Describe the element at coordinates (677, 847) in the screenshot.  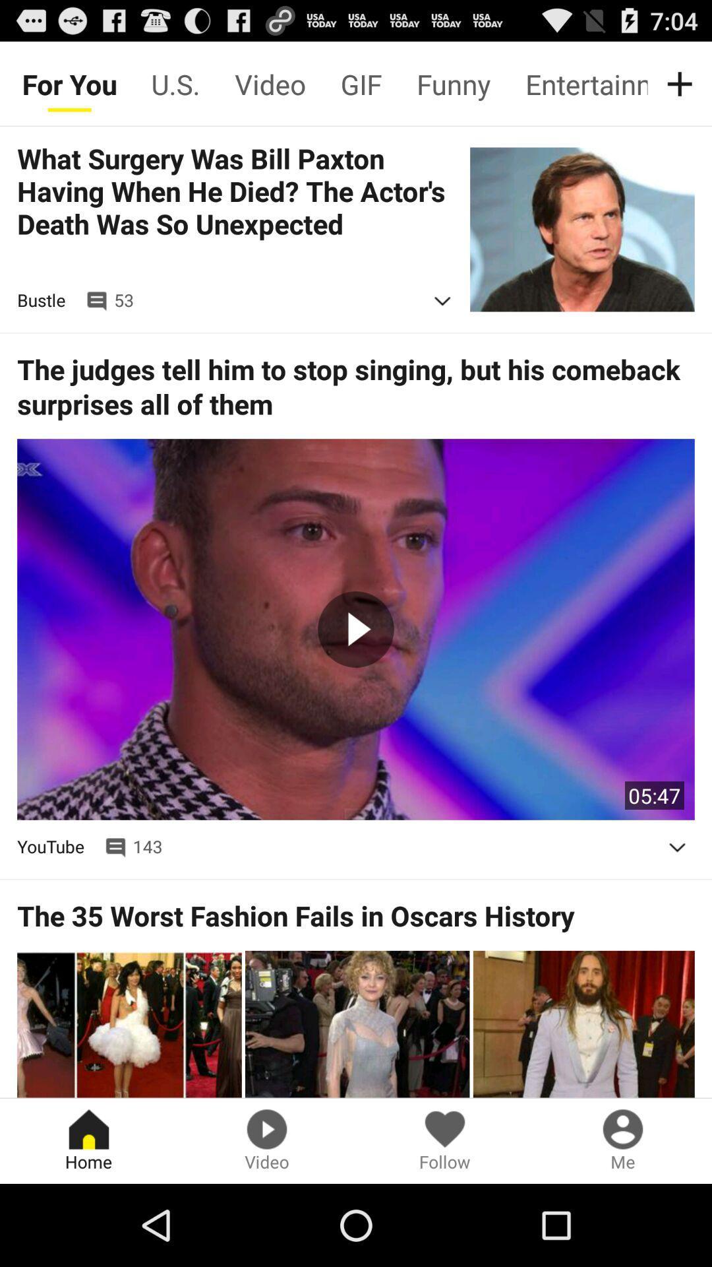
I see `read description` at that location.